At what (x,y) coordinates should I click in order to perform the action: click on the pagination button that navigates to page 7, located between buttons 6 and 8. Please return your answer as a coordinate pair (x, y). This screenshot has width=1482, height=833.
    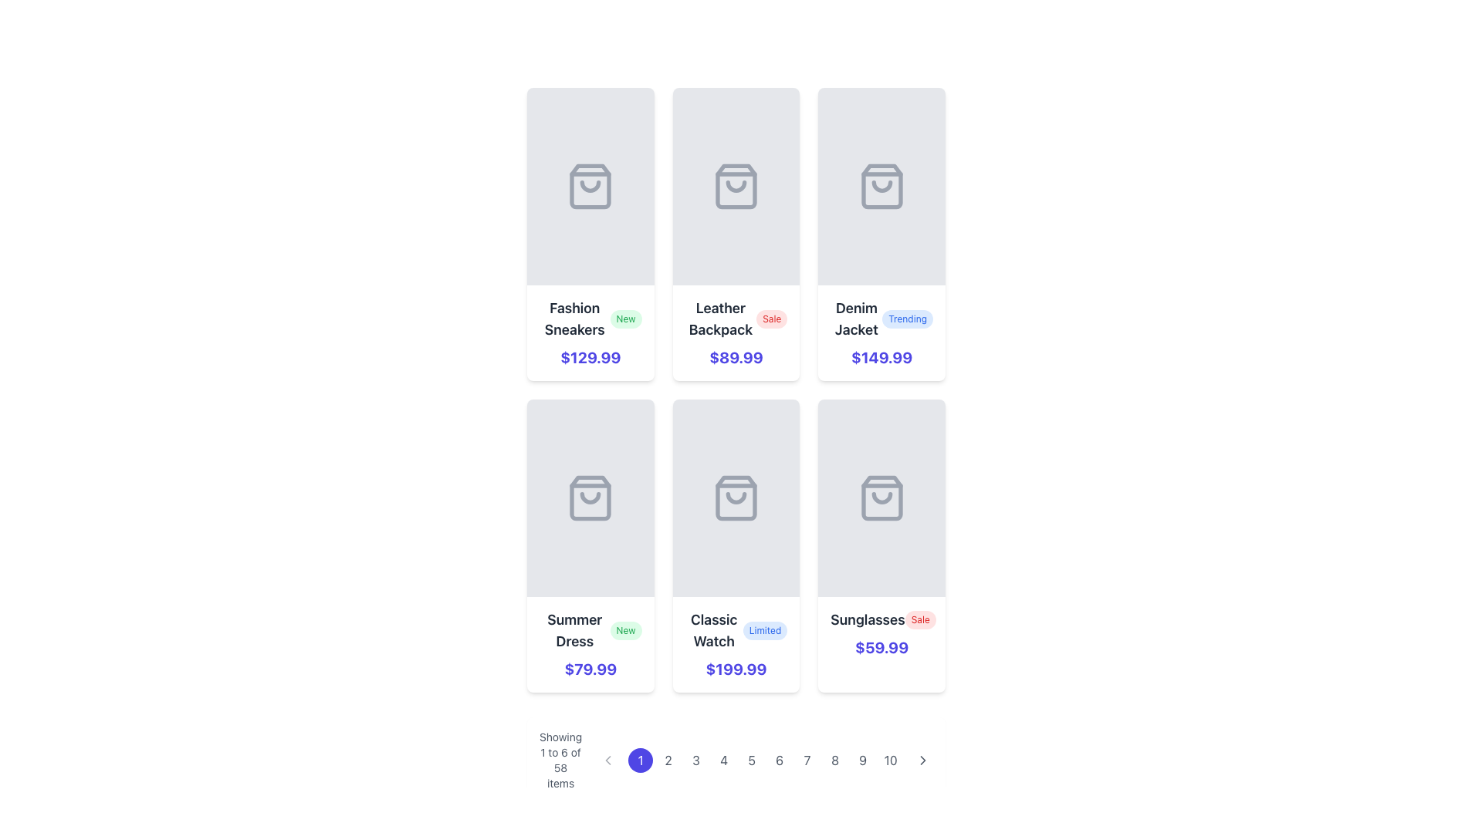
    Looking at the image, I should click on (807, 760).